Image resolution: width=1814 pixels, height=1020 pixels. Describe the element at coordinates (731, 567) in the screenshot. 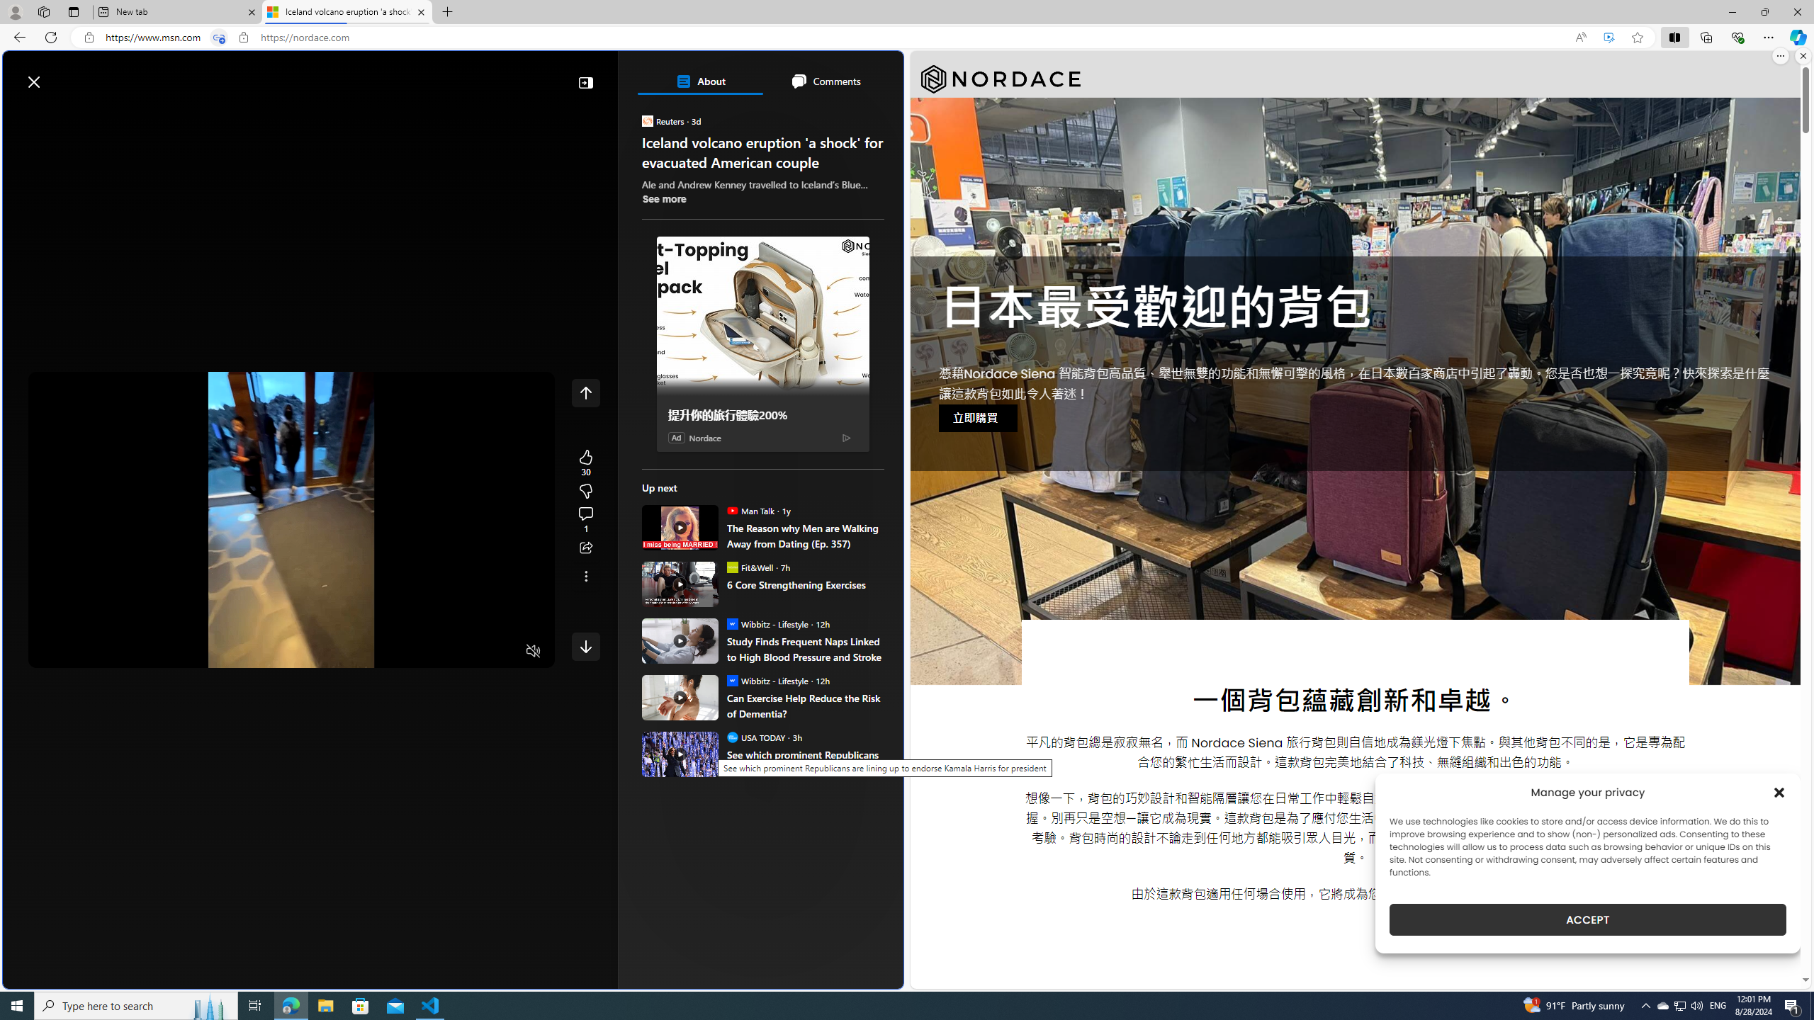

I see `'Fit&Well'` at that location.